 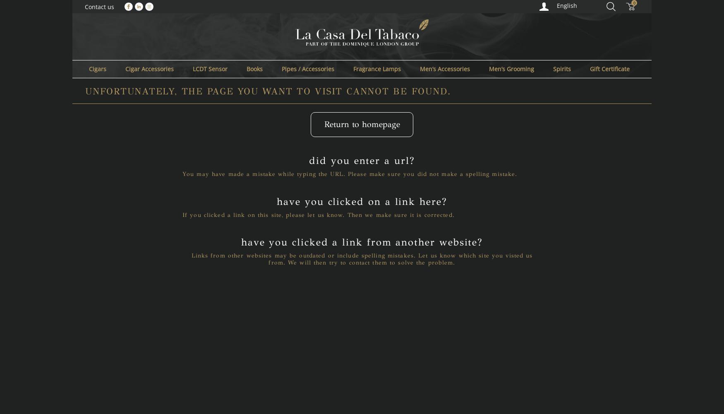 What do you see at coordinates (99, 7) in the screenshot?
I see `'Contact us'` at bounding box center [99, 7].